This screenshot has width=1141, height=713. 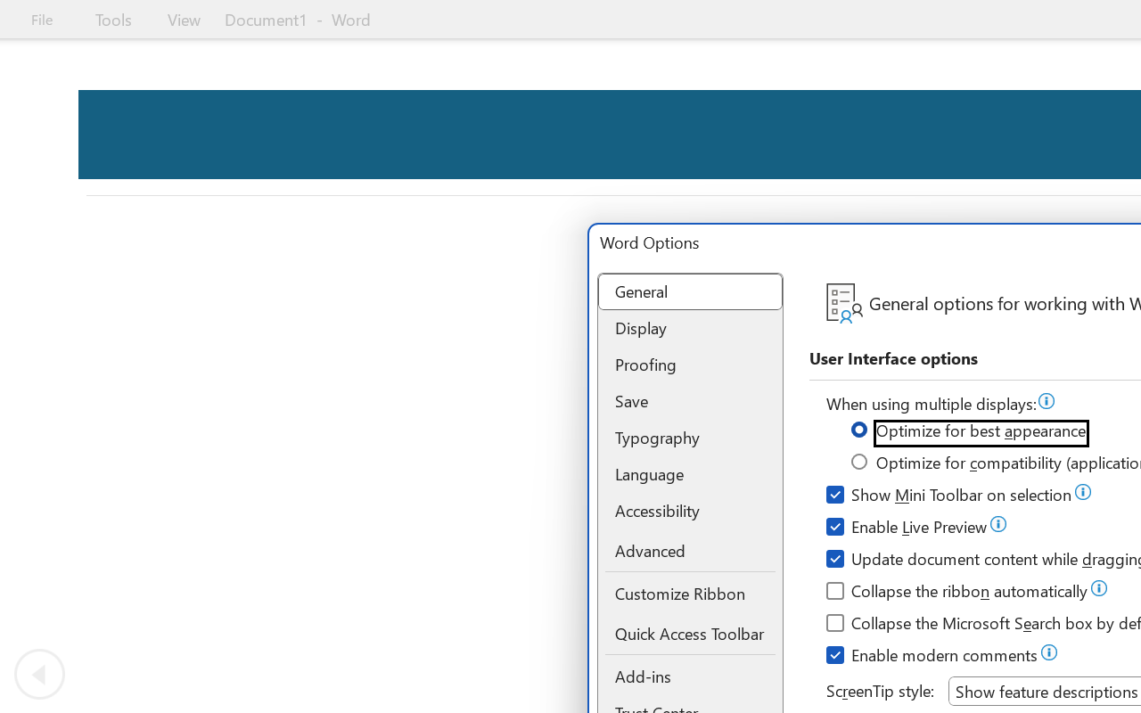 I want to click on 'Enable Live Preview', so click(x=907, y=529).